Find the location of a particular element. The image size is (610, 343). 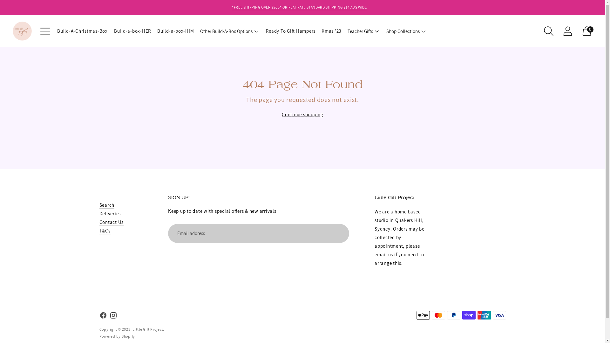

'Build-A-Christmas-Box' is located at coordinates (82, 31).